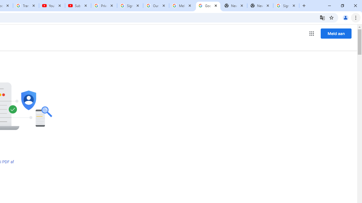 The width and height of the screenshot is (362, 203). I want to click on 'Sign in - Google Accounts', so click(130, 6).